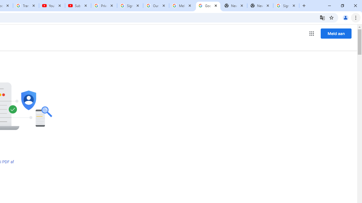 The width and height of the screenshot is (362, 203). I want to click on 'Sign in - Google Accounts', so click(130, 6).